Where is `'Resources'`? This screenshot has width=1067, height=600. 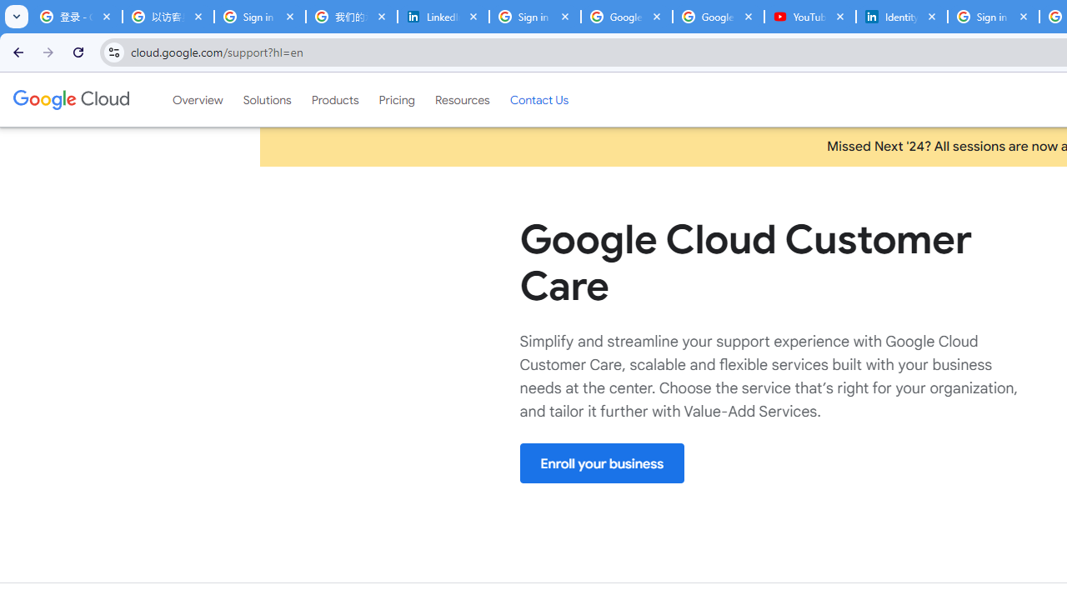
'Resources' is located at coordinates (462, 99).